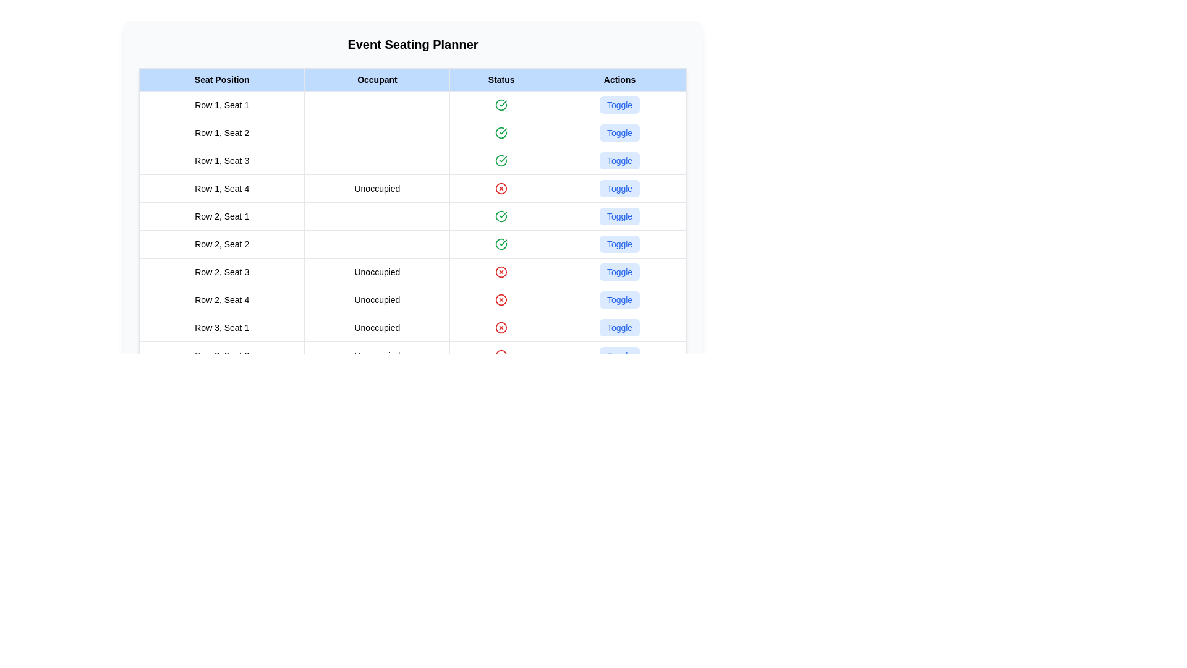  I want to click on the Text Label displaying 'Unoccupied' which is located in the third row under the 'Occupant' column, between 'Row 3, Seat 1' and a blank cell, so click(377, 327).